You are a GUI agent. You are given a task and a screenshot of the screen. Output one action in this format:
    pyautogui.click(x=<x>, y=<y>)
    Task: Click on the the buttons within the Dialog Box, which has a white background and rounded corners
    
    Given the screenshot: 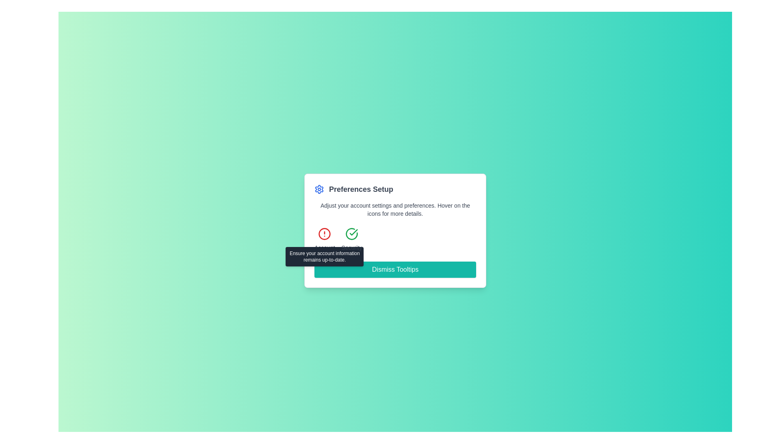 What is the action you would take?
    pyautogui.click(x=395, y=231)
    